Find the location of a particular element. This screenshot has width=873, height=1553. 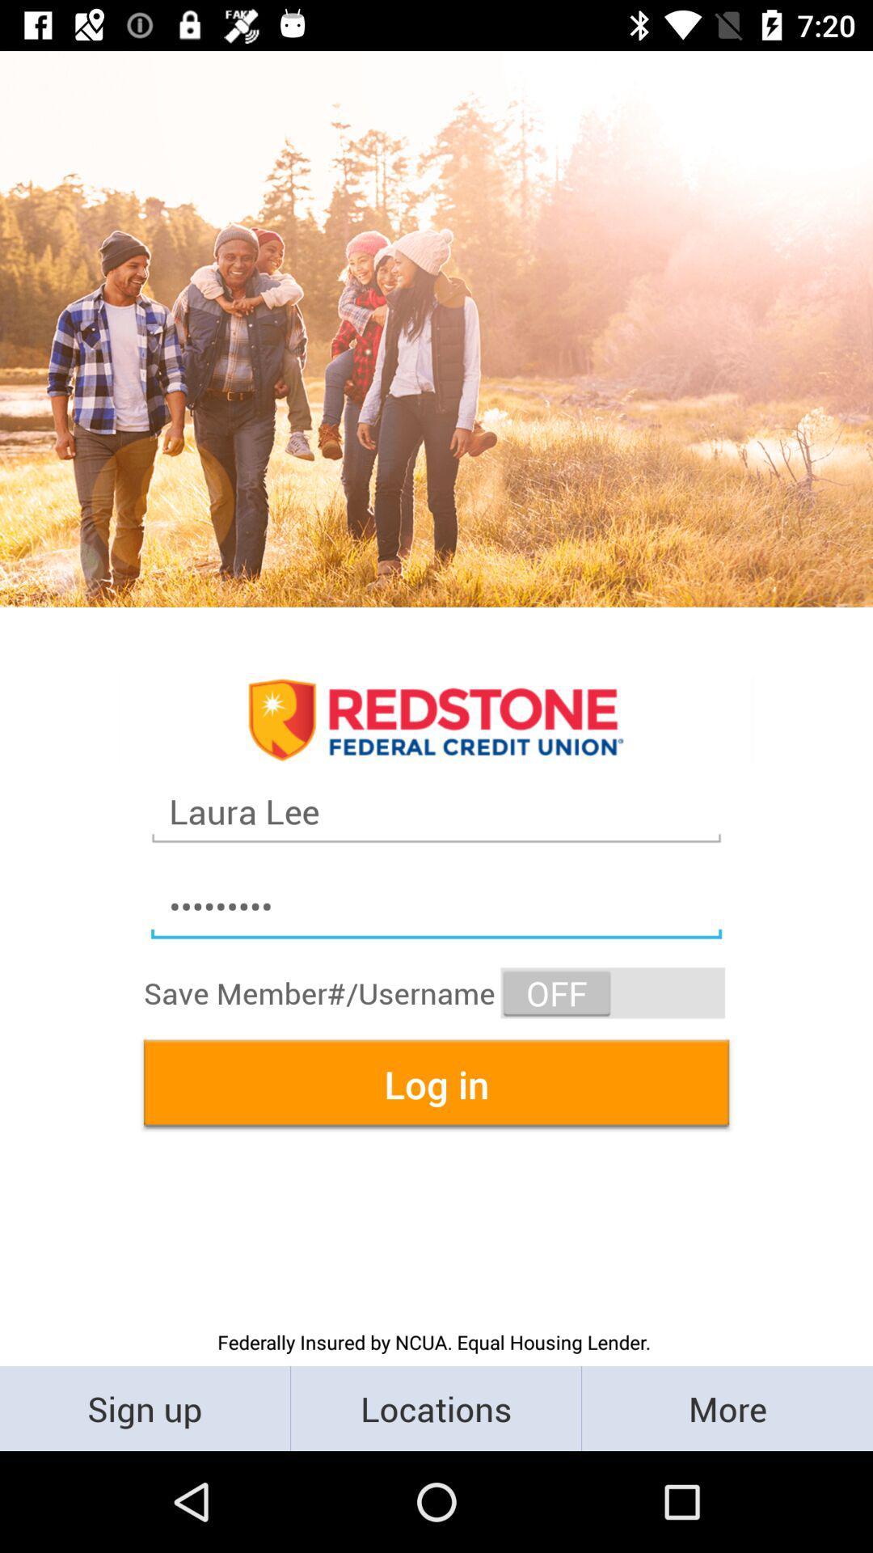

the crowd3116 item is located at coordinates (436, 907).